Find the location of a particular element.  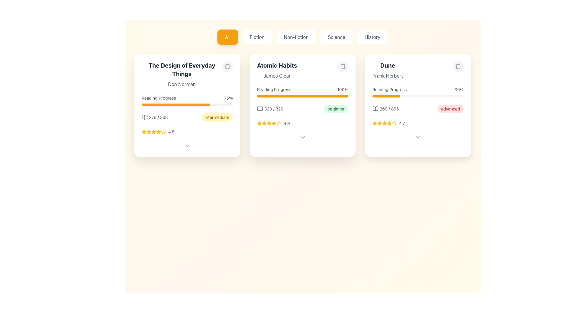

the 'Non-fiction' tab, the third tab in a group of five at the top of the interface is located at coordinates (303, 37).